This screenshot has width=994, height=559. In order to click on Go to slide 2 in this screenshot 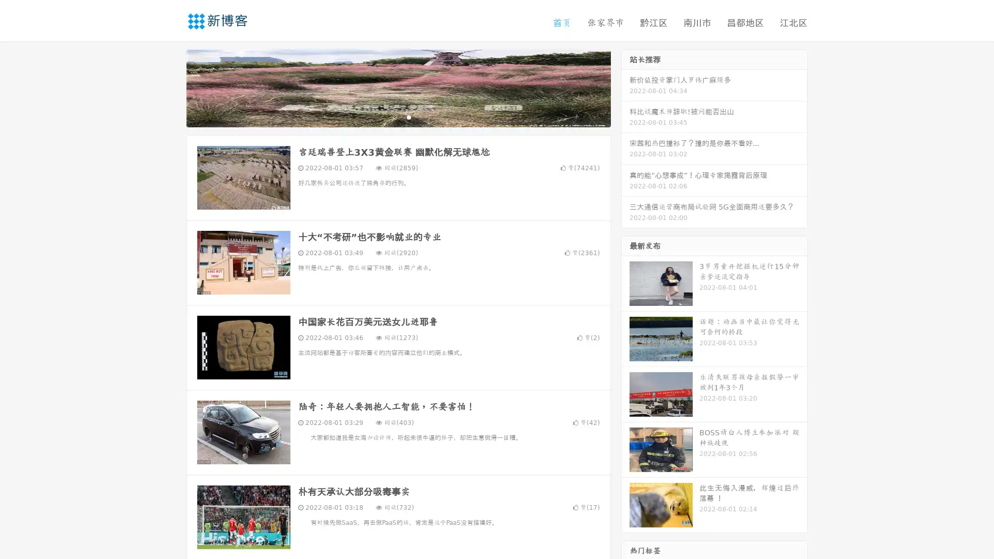, I will do `click(398, 116)`.